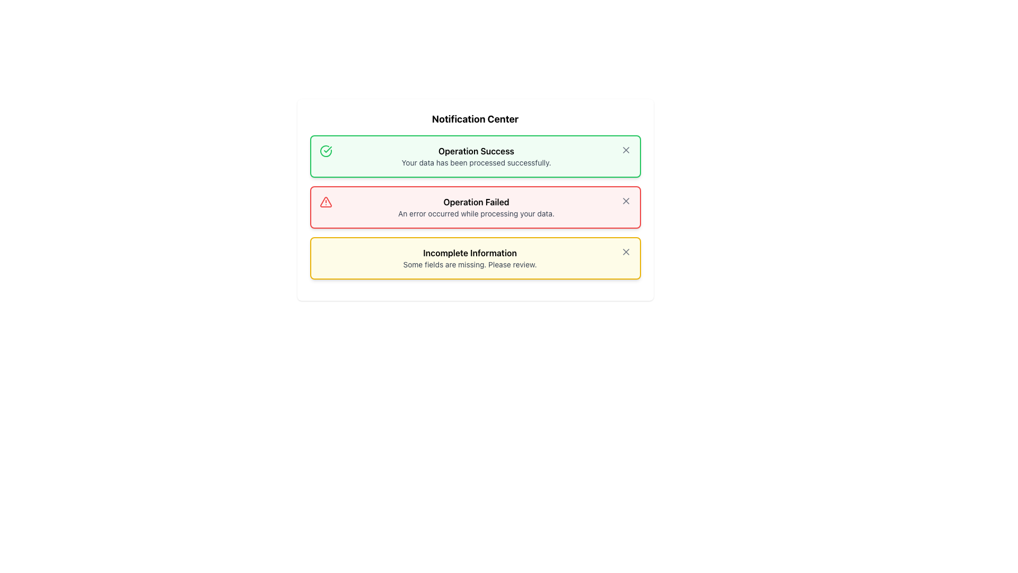  What do you see at coordinates (476, 156) in the screenshot?
I see `informational text from the notification block indicating that the operation was successful, located in the topmost green notification box within the Notification Center` at bounding box center [476, 156].